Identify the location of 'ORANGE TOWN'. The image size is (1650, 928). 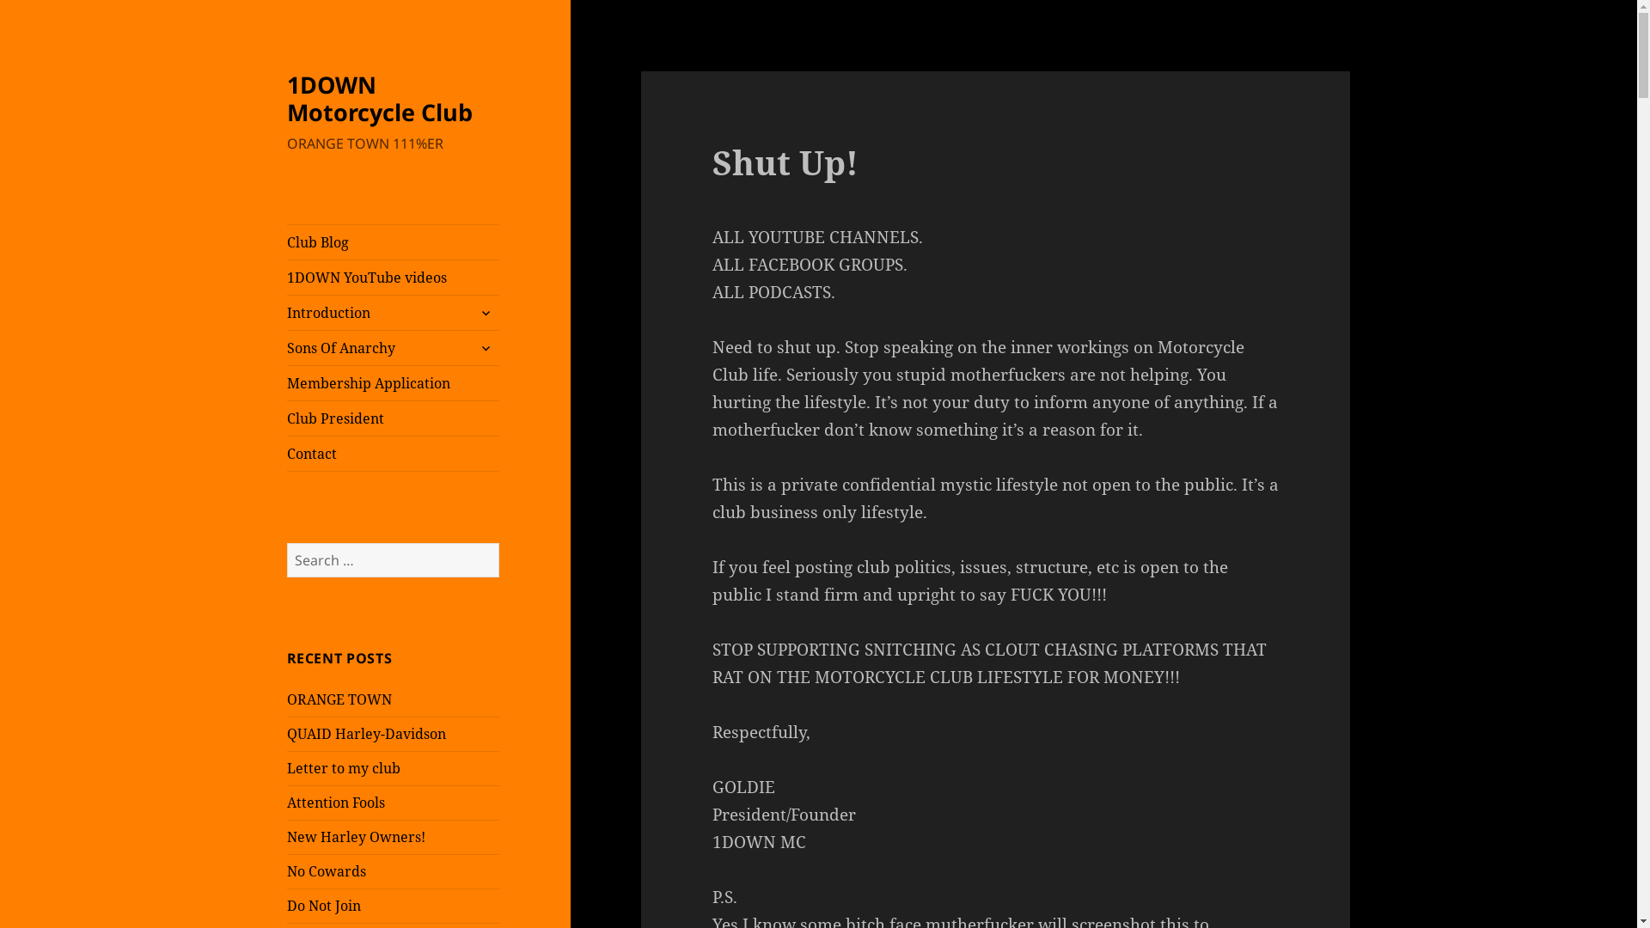
(339, 699).